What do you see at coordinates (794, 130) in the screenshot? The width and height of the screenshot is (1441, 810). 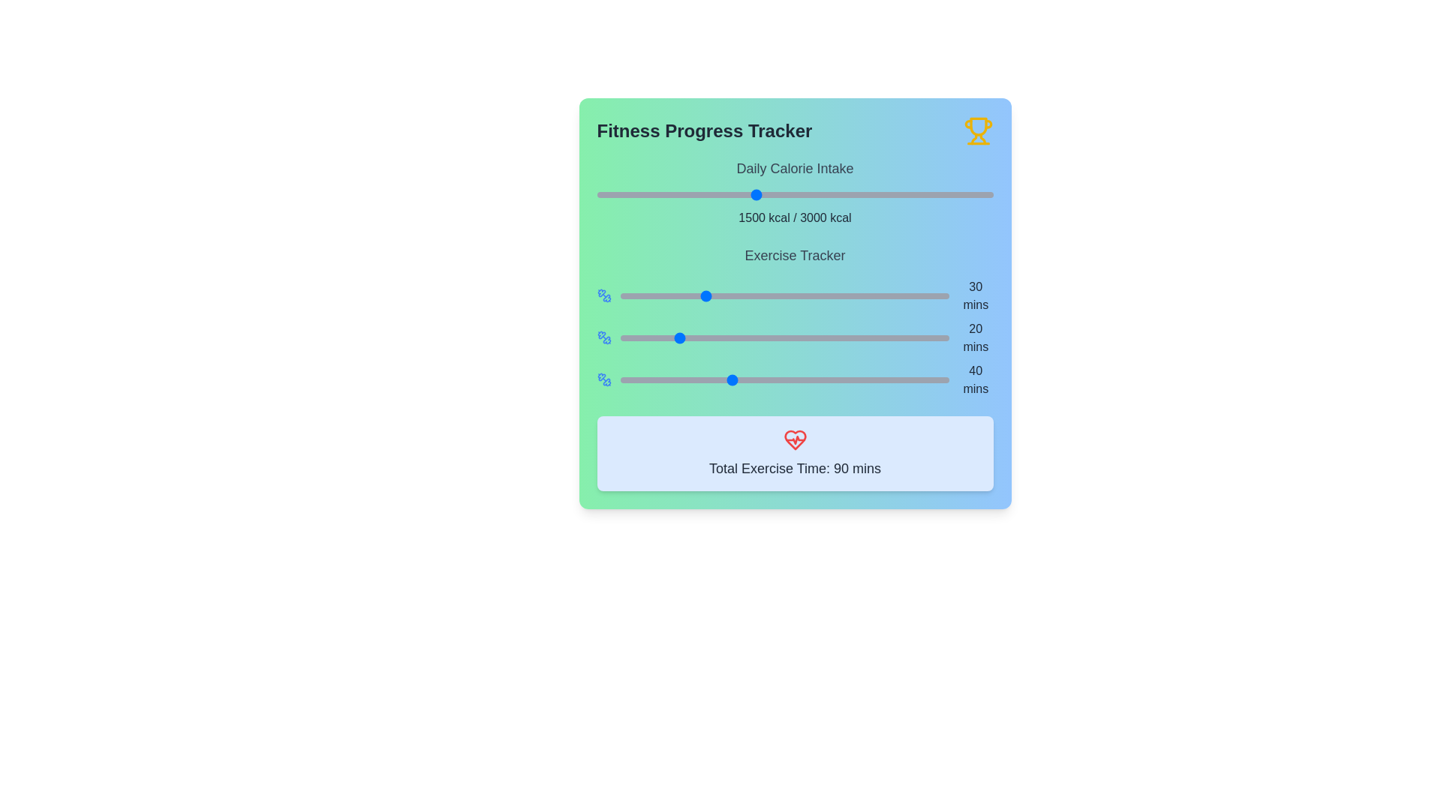 I see `the title 'Fitness Progress Tracker' located at the top of the card layout for additional context` at bounding box center [794, 130].